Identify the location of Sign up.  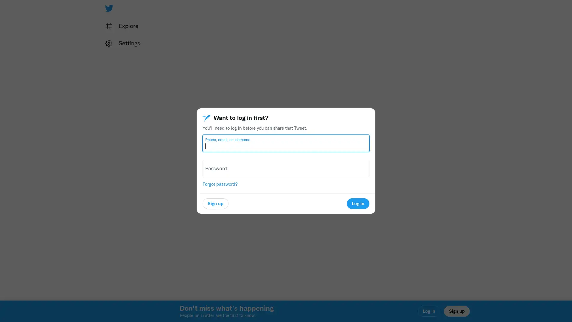
(215, 203).